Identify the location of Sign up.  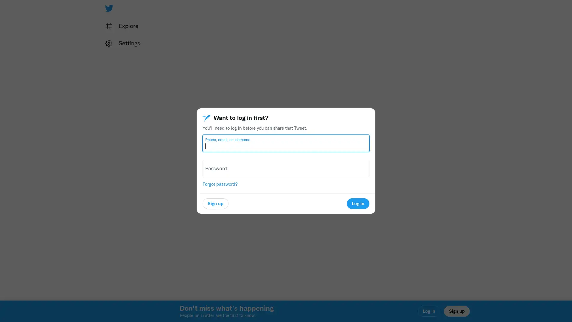
(215, 203).